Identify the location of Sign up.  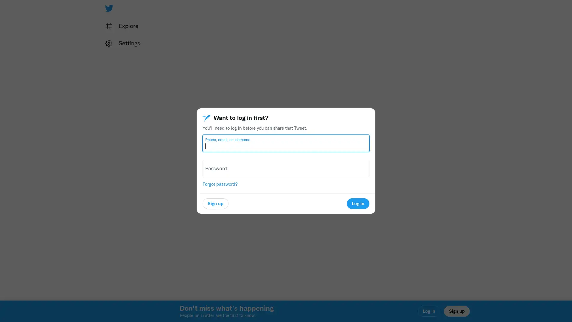
(215, 203).